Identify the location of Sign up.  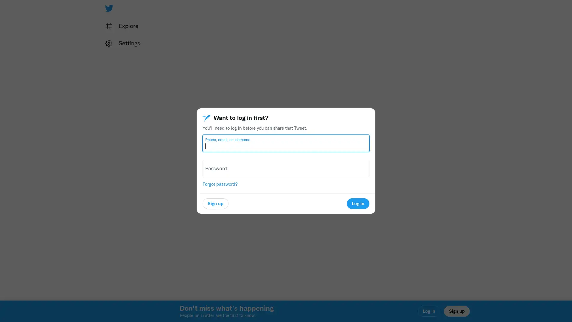
(215, 203).